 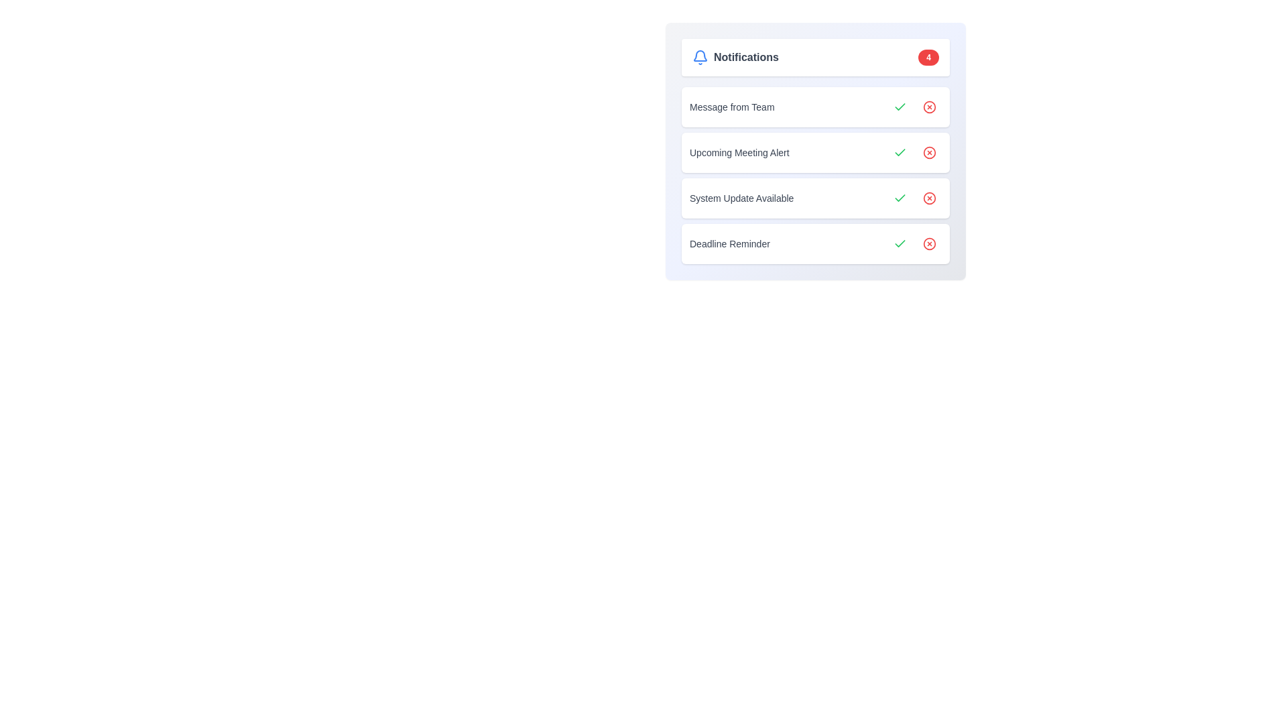 What do you see at coordinates (914, 106) in the screenshot?
I see `the interactive control panel containing the green checkmark and red cross buttons` at bounding box center [914, 106].